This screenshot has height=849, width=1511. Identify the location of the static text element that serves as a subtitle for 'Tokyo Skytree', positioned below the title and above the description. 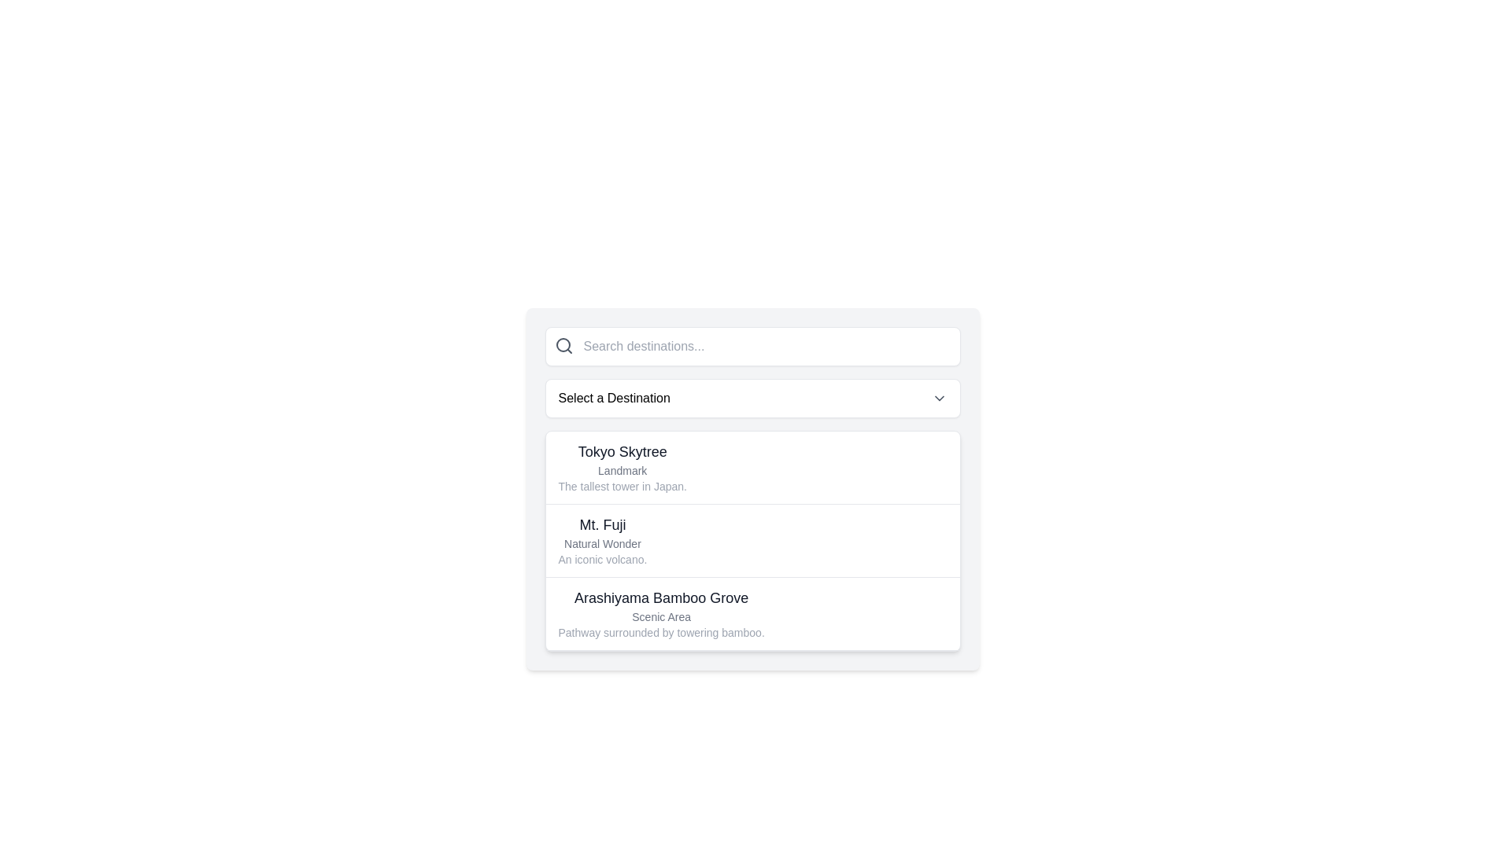
(622, 469).